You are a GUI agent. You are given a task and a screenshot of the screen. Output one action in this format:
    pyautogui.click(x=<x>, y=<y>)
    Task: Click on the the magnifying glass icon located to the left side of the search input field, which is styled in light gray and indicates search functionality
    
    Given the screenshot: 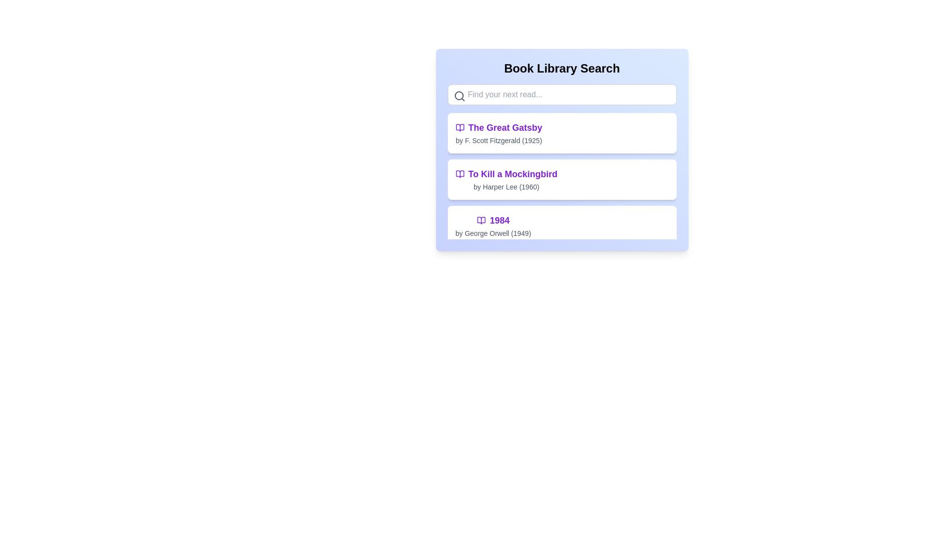 What is the action you would take?
    pyautogui.click(x=459, y=96)
    